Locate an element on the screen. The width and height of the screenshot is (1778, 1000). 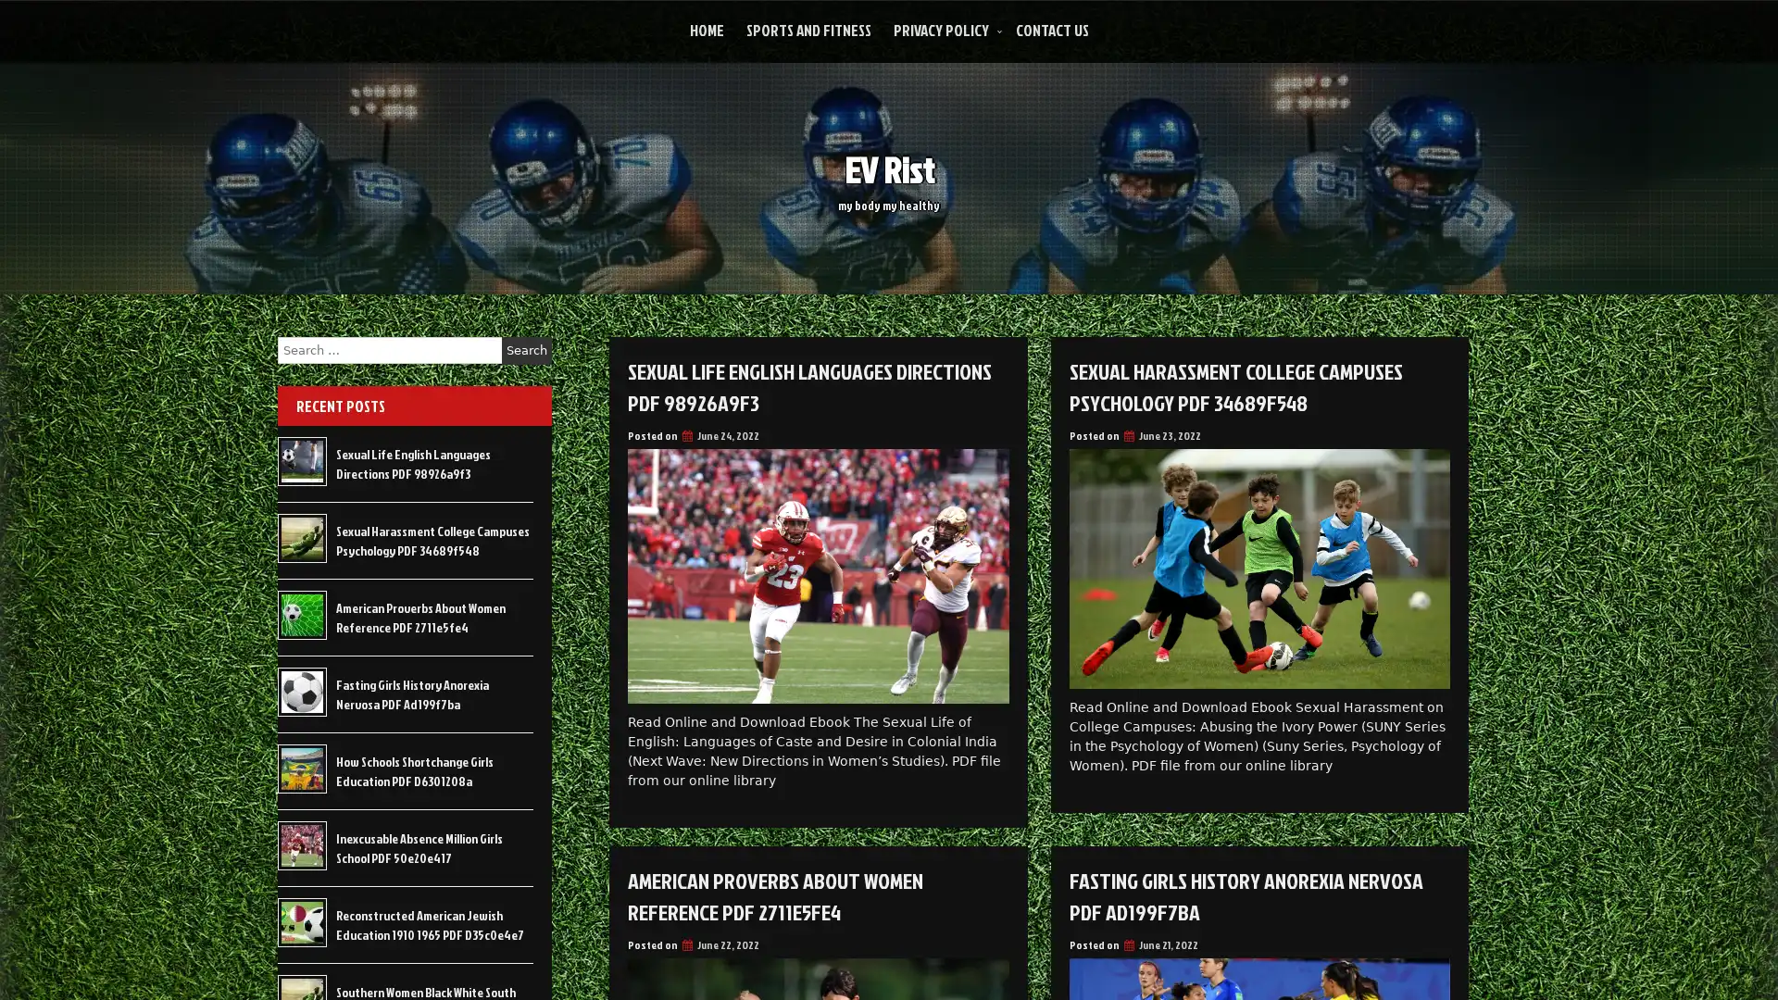
Search is located at coordinates (526, 350).